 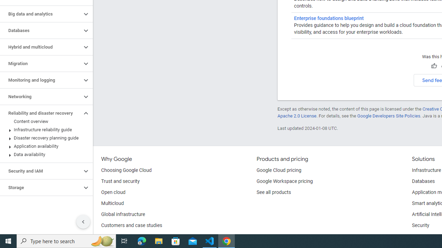 What do you see at coordinates (420, 226) in the screenshot?
I see `'Security'` at bounding box center [420, 226].